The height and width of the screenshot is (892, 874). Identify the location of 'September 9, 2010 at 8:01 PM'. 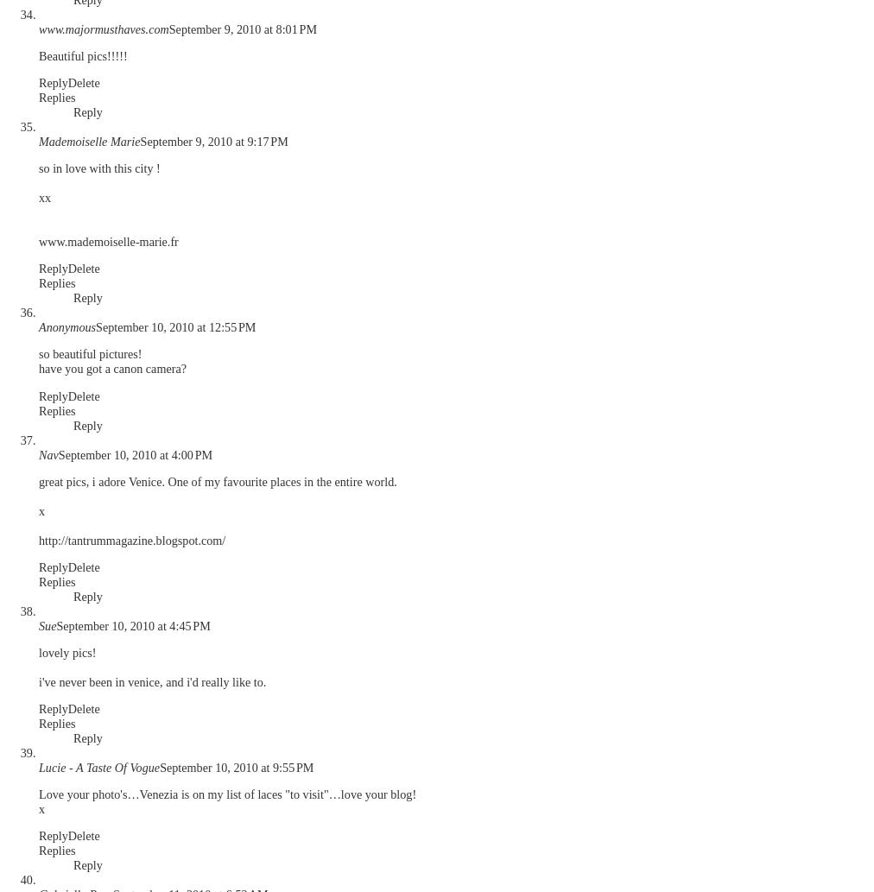
(168, 28).